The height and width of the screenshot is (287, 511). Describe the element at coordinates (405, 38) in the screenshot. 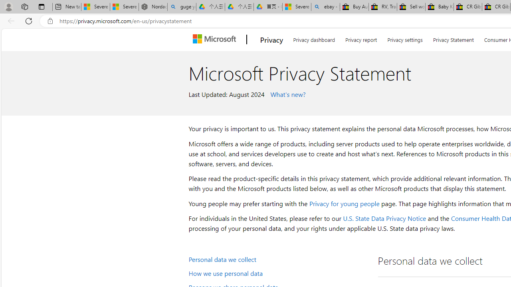

I see `'Privacy settings'` at that location.